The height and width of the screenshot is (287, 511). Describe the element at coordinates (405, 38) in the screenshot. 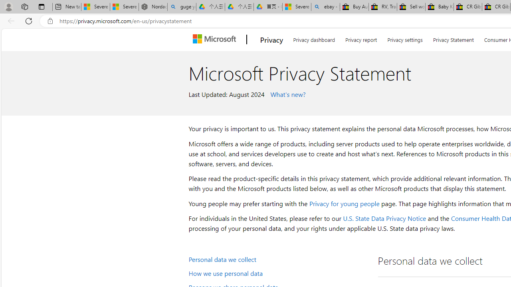

I see `'Privacy settings'` at that location.